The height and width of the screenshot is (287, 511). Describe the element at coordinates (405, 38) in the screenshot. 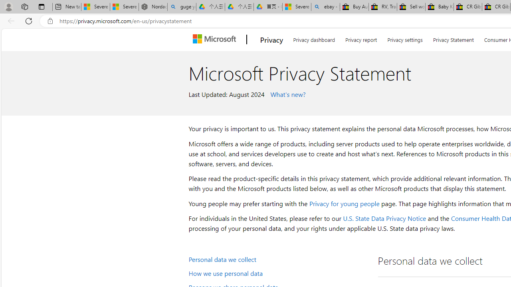

I see `'Privacy settings'` at that location.